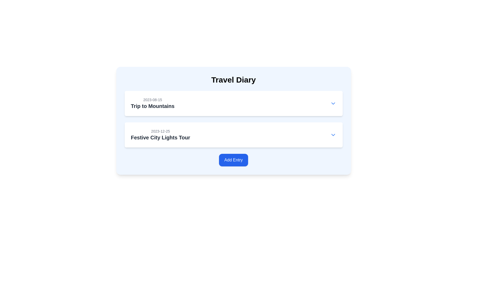 The image size is (503, 283). I want to click on the dropdown toggle button located at the rightmost end of the row following the title 'Festive City Lights Tour', so click(333, 135).